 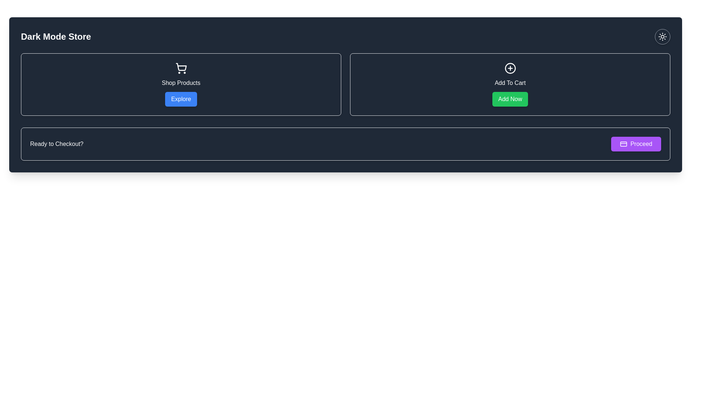 What do you see at coordinates (56, 37) in the screenshot?
I see `the text label indicating 'Dark Mode Store', which serves as the title or heading in the header bar of the interface` at bounding box center [56, 37].